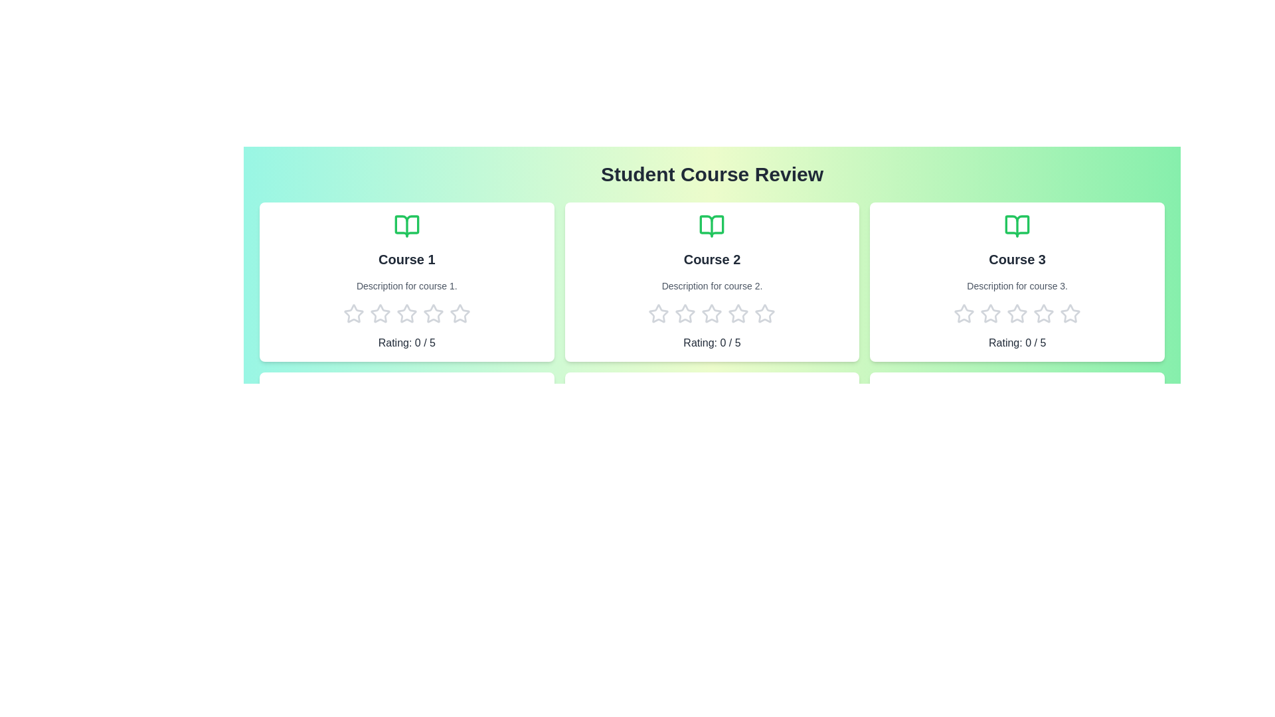 Image resolution: width=1275 pixels, height=717 pixels. I want to click on the rating of a course to 4 stars by clicking on the corresponding star, so click(433, 314).